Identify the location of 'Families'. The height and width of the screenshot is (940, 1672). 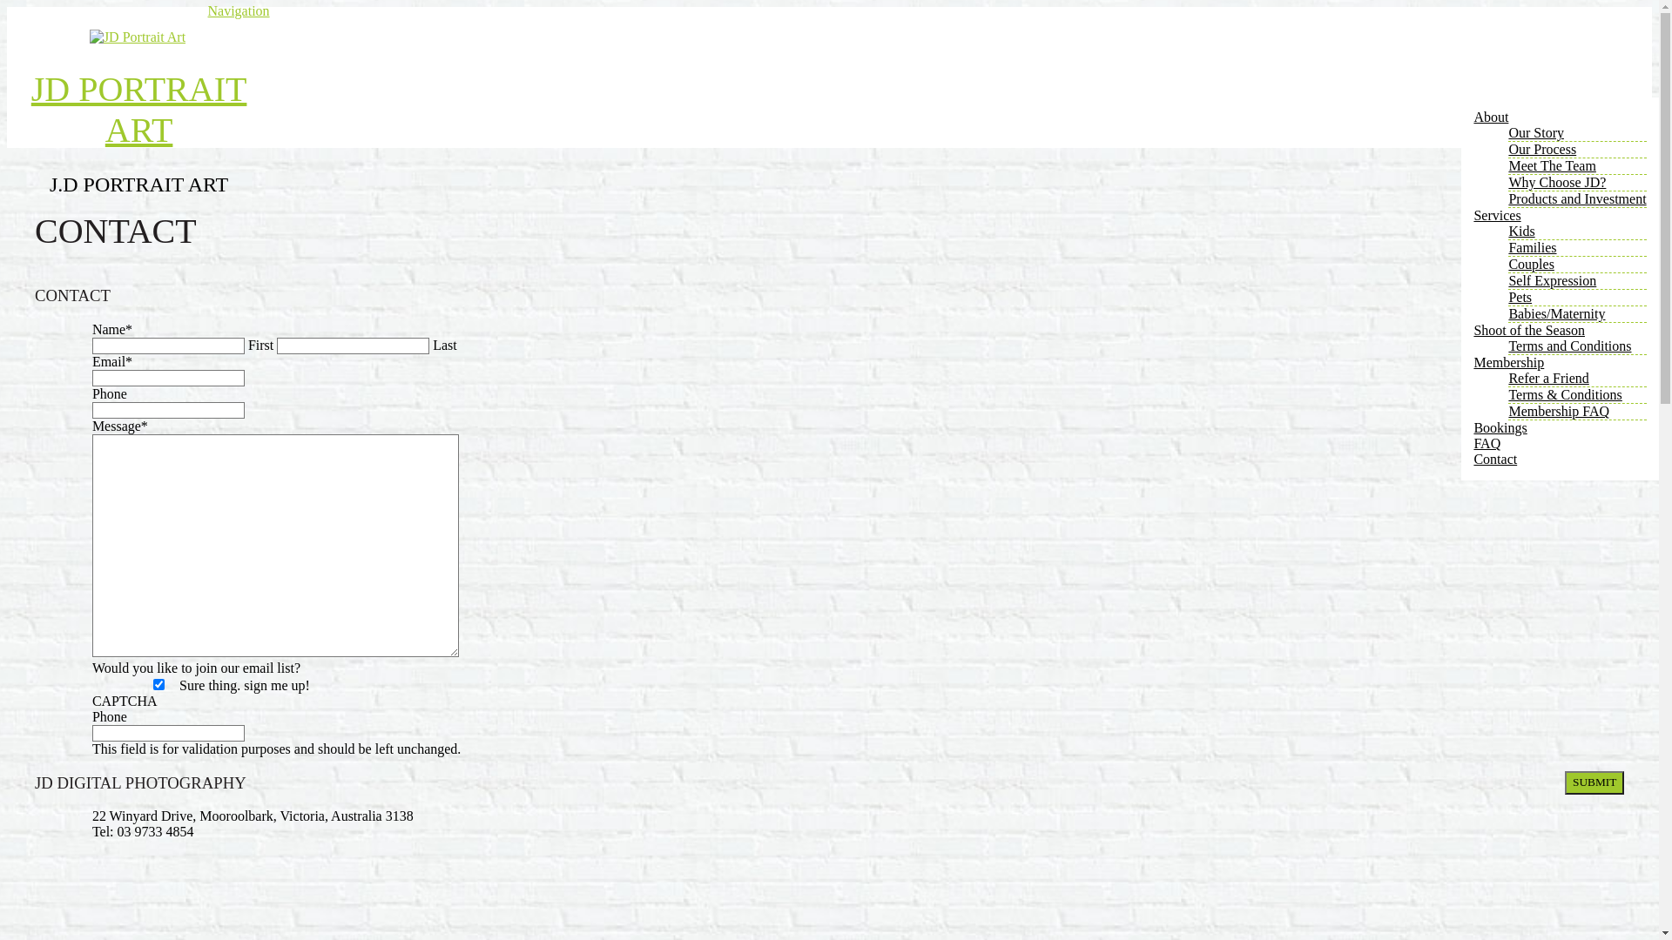
(1531, 247).